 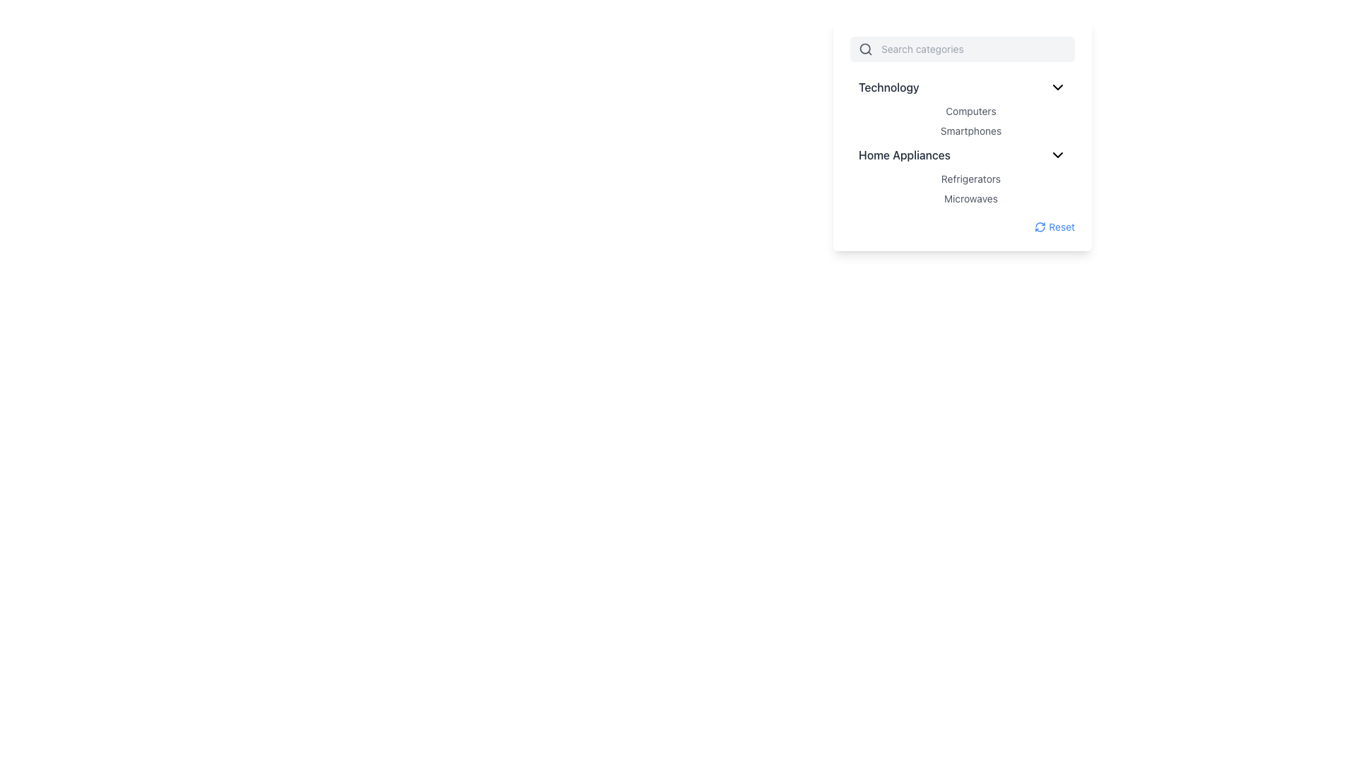 What do you see at coordinates (970, 131) in the screenshot?
I see `the second clickable menu option in the dropdown list under the 'Technology' category` at bounding box center [970, 131].